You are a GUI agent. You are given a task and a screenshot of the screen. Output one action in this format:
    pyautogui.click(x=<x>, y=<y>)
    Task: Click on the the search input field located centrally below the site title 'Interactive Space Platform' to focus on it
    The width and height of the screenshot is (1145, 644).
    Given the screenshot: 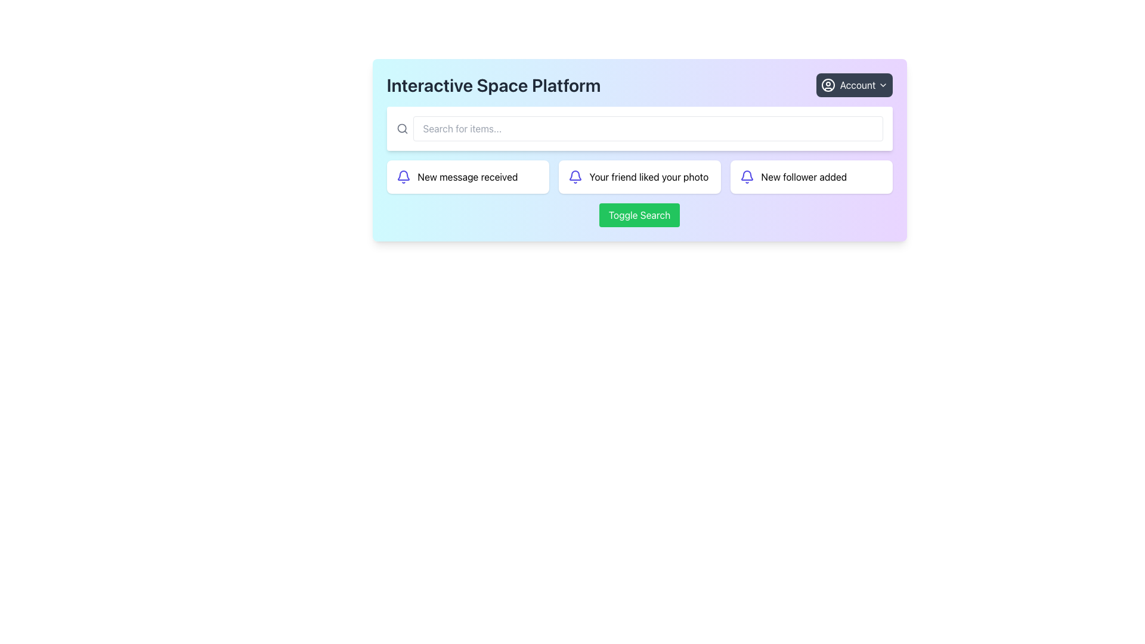 What is the action you would take?
    pyautogui.click(x=639, y=129)
    